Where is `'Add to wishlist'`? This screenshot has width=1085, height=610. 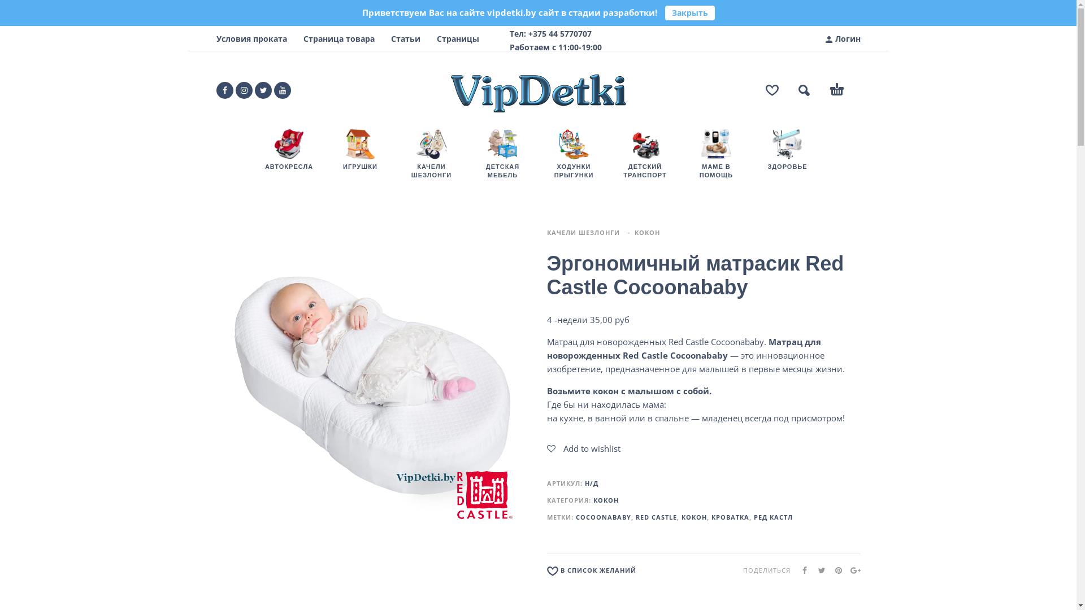 'Add to wishlist' is located at coordinates (583, 448).